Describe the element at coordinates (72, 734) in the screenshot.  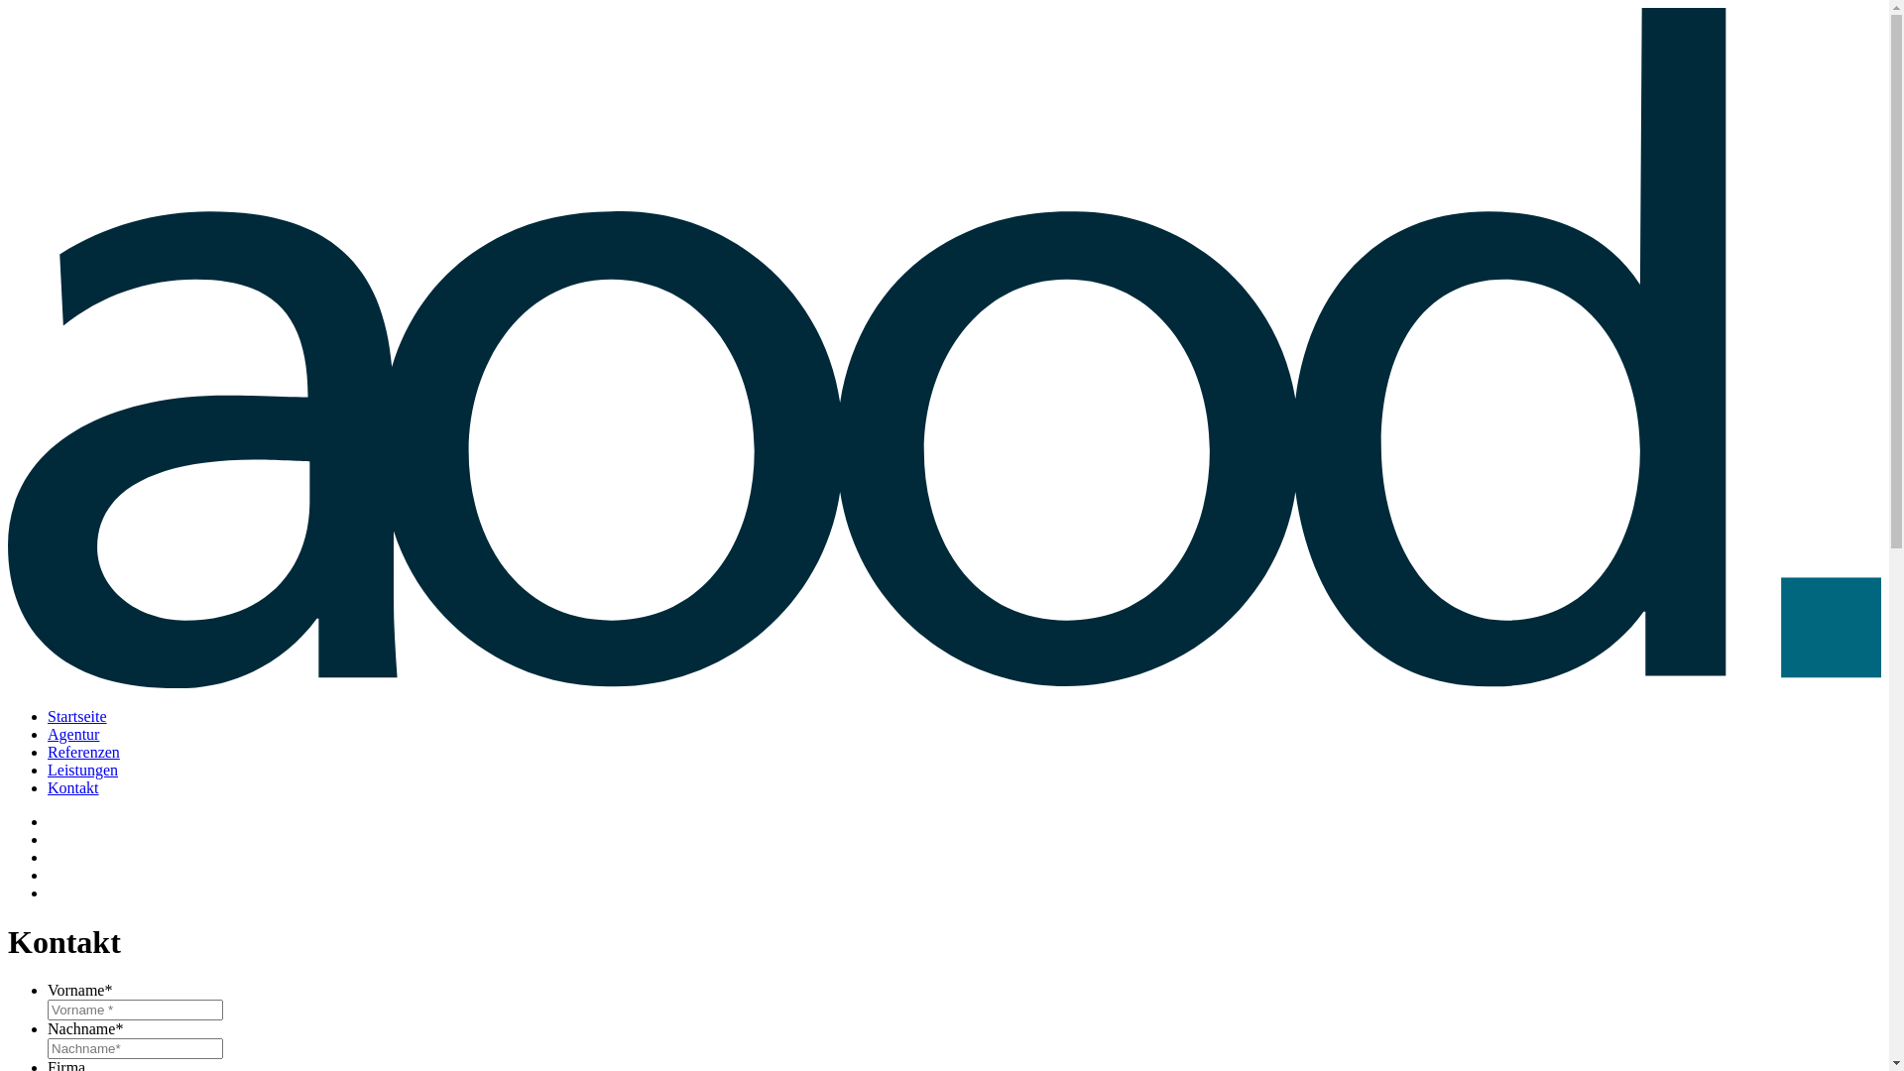
I see `'Agentur'` at that location.